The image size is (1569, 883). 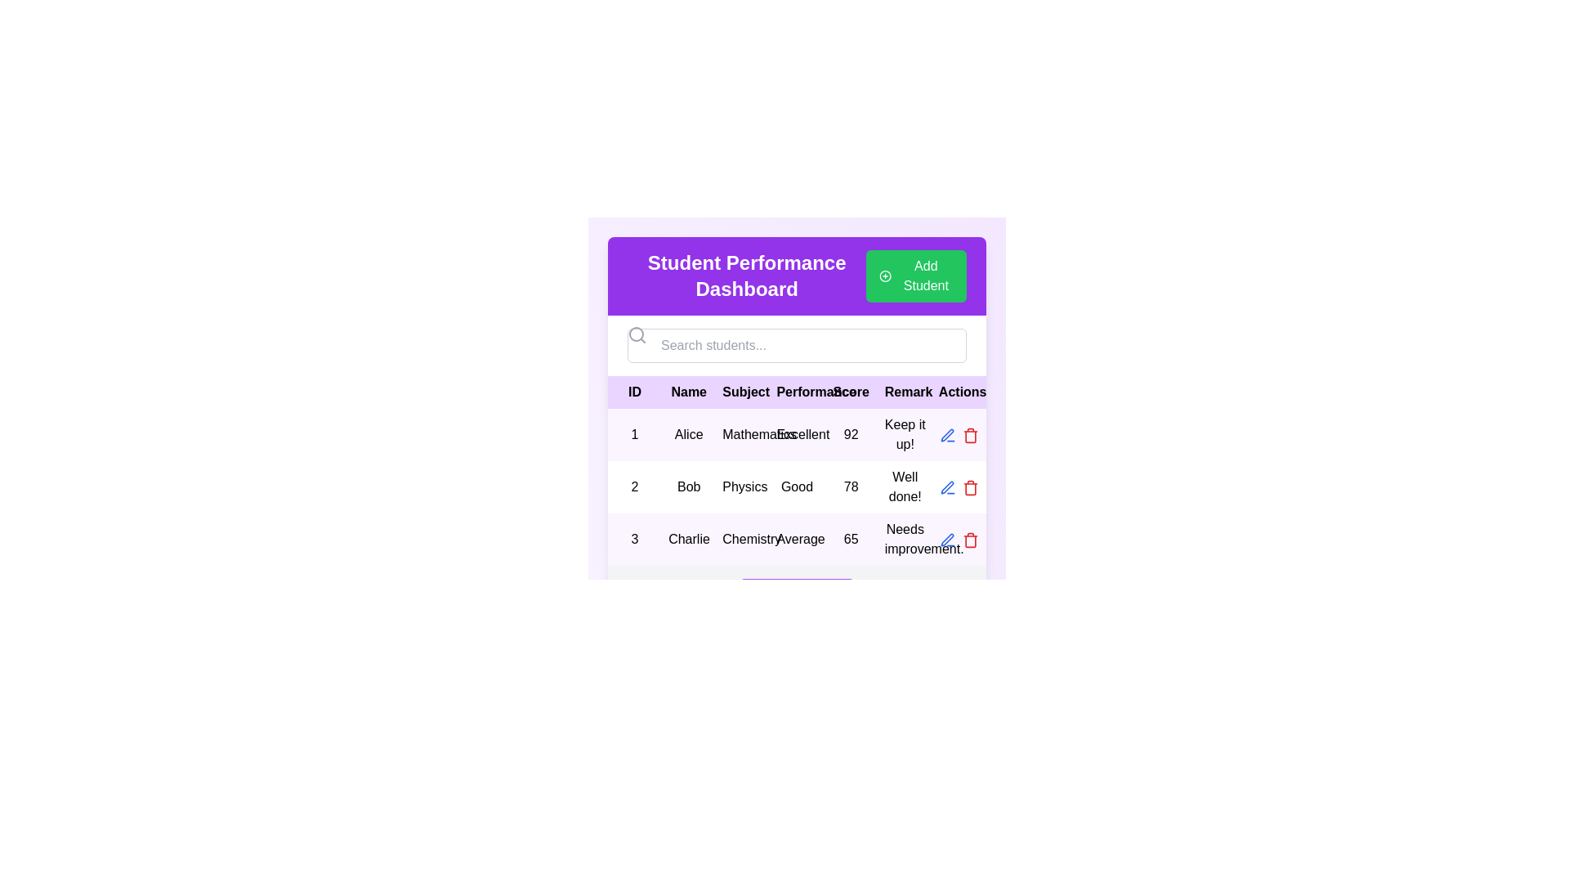 I want to click on the text label displaying the number '65' in black text, which is located in the fifth column of the third row of the student information table, adjacent to the 'Average' and 'Needs improvement.' cells, so click(x=850, y=539).